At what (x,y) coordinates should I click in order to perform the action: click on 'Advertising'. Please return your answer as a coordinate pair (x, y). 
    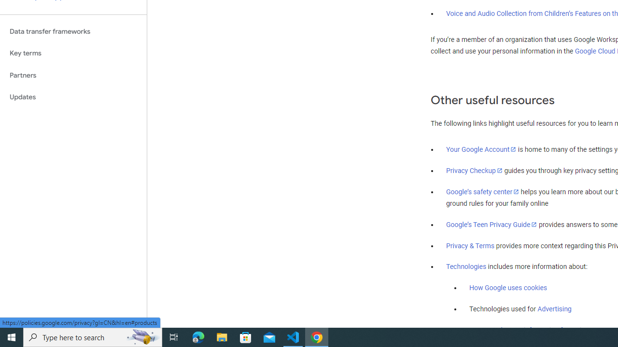
    Looking at the image, I should click on (554, 309).